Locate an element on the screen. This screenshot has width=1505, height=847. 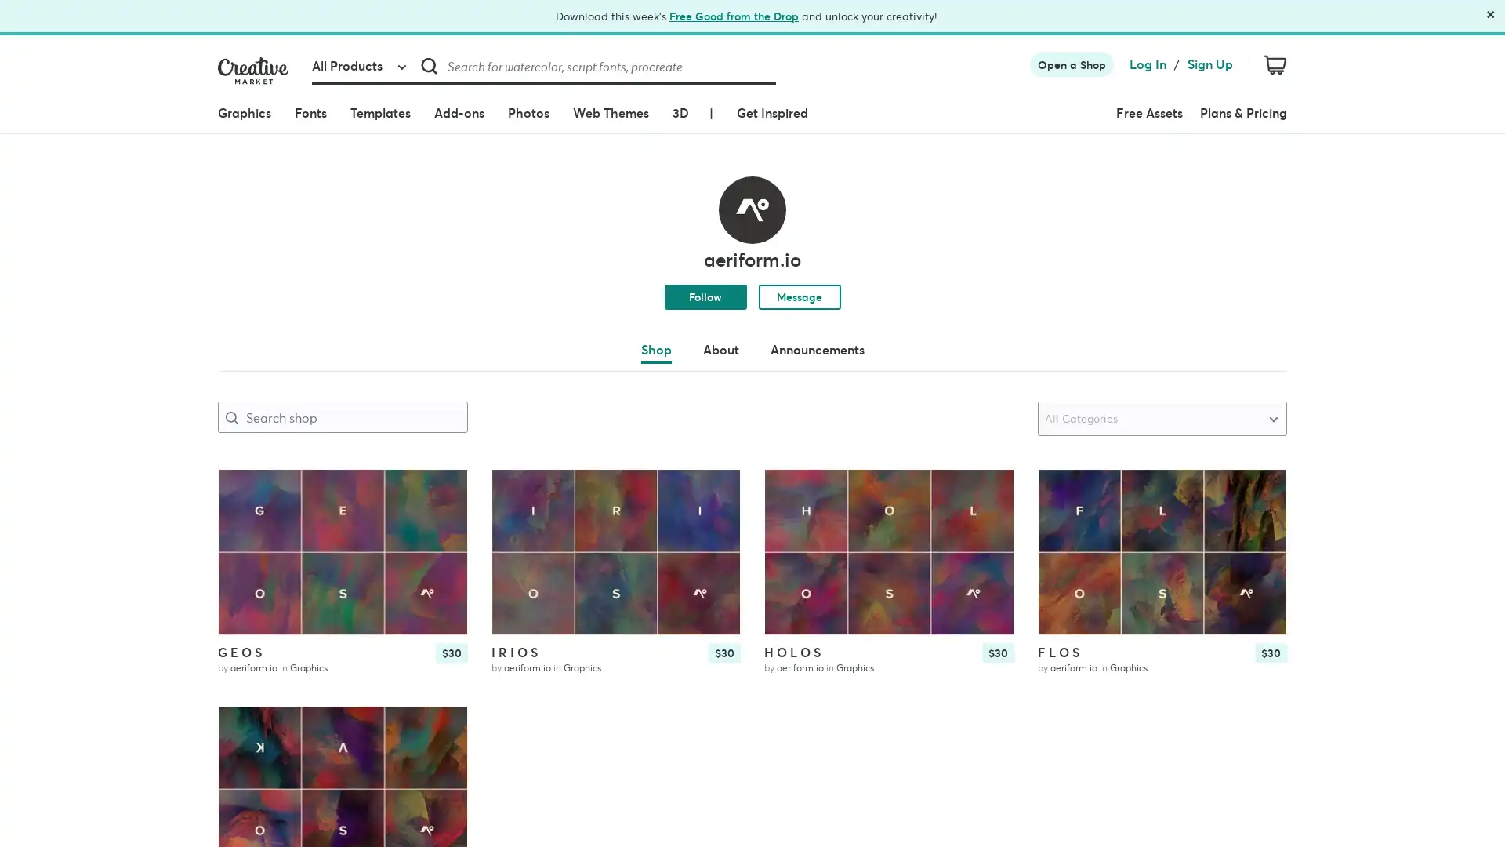
Pin to Pinterest is located at coordinates (517, 494).